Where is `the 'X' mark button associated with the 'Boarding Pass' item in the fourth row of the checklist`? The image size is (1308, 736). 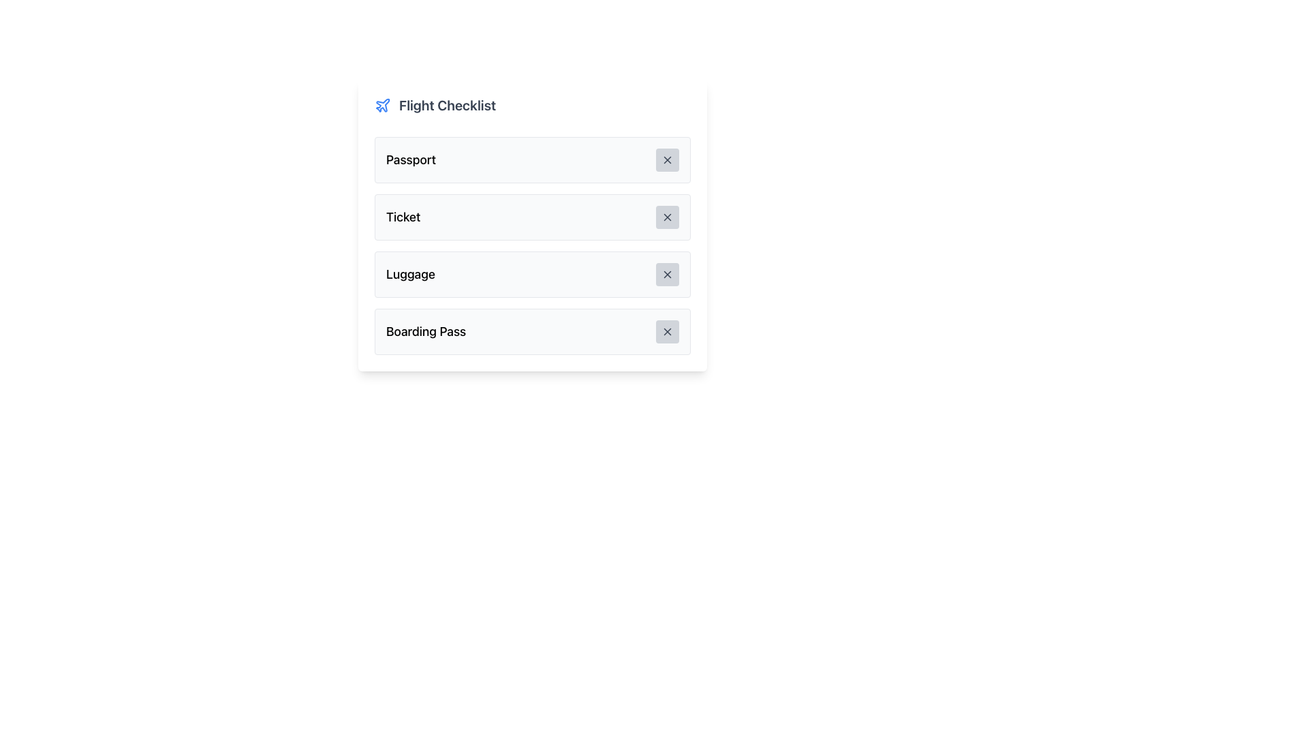 the 'X' mark button associated with the 'Boarding Pass' item in the fourth row of the checklist is located at coordinates (667, 331).